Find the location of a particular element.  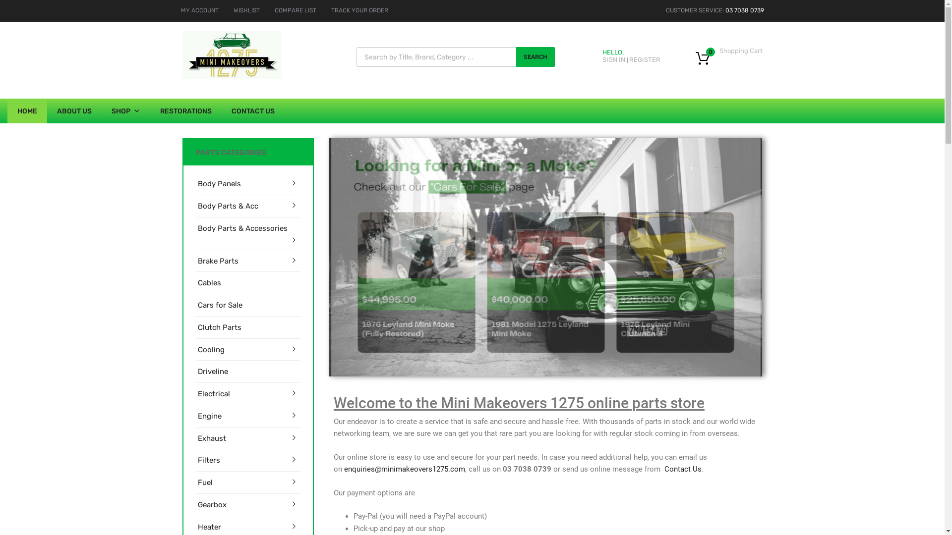

'Cooling' is located at coordinates (210, 349).